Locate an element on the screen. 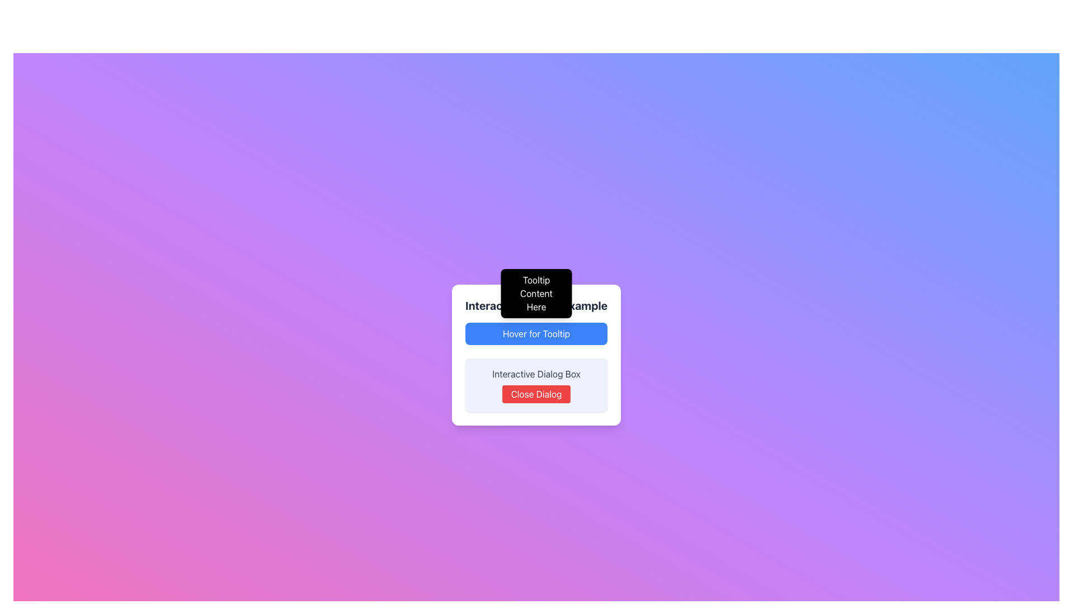  the red rectangular button labeled 'Close Dialog' to observe its hover effect is located at coordinates (536, 394).